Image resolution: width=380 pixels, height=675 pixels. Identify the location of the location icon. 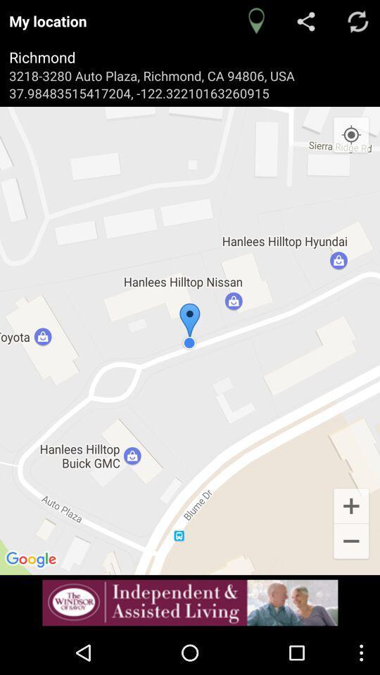
(255, 22).